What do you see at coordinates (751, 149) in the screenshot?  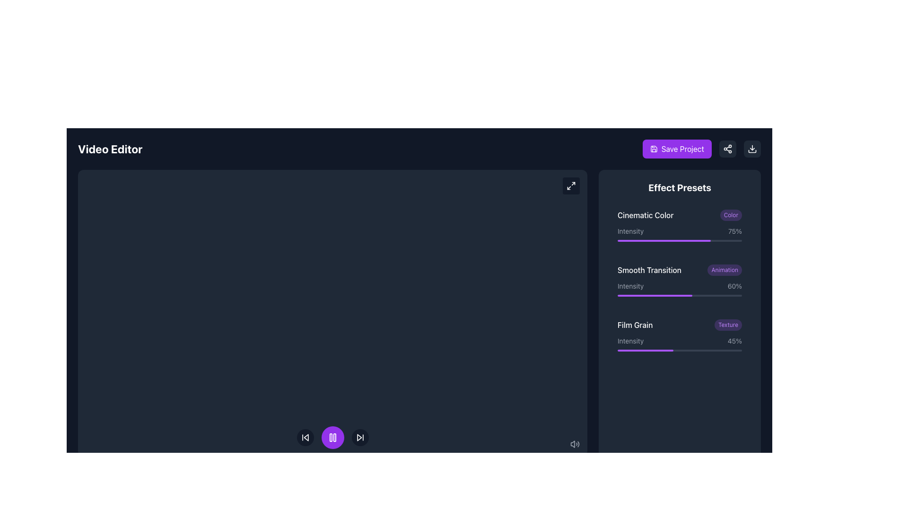 I see `the download icon button, which features a downward arrow into a rectangular base and is located at the top-right corner of the interface` at bounding box center [751, 149].